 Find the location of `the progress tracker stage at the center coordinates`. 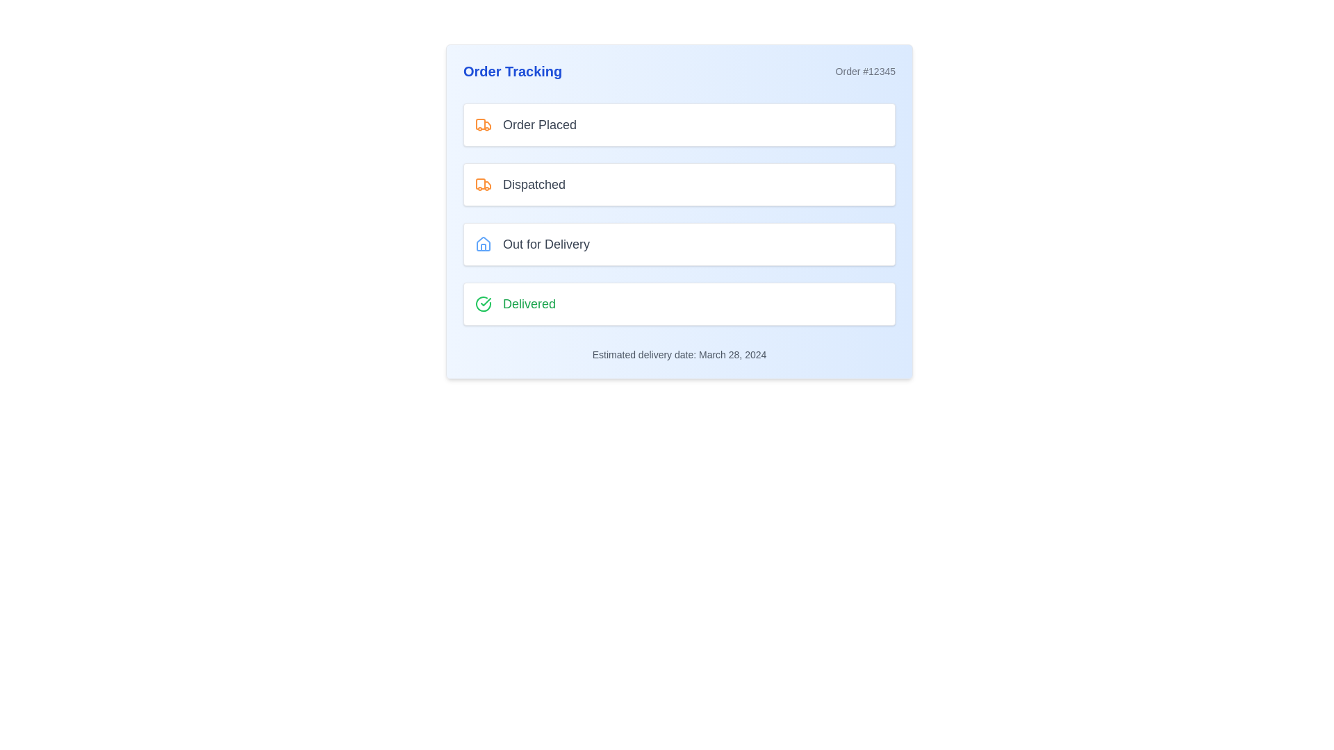

the progress tracker stage at the center coordinates is located at coordinates (680, 214).